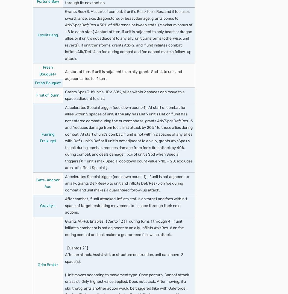  Describe the element at coordinates (31, 275) in the screenshot. I see `'Muthead'` at that location.